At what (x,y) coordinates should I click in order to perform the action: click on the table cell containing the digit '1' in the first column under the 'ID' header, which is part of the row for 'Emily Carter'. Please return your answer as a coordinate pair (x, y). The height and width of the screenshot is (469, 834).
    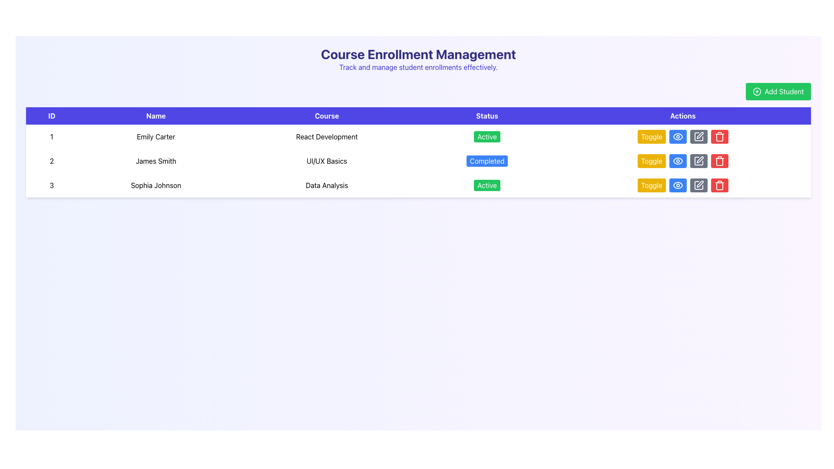
    Looking at the image, I should click on (51, 137).